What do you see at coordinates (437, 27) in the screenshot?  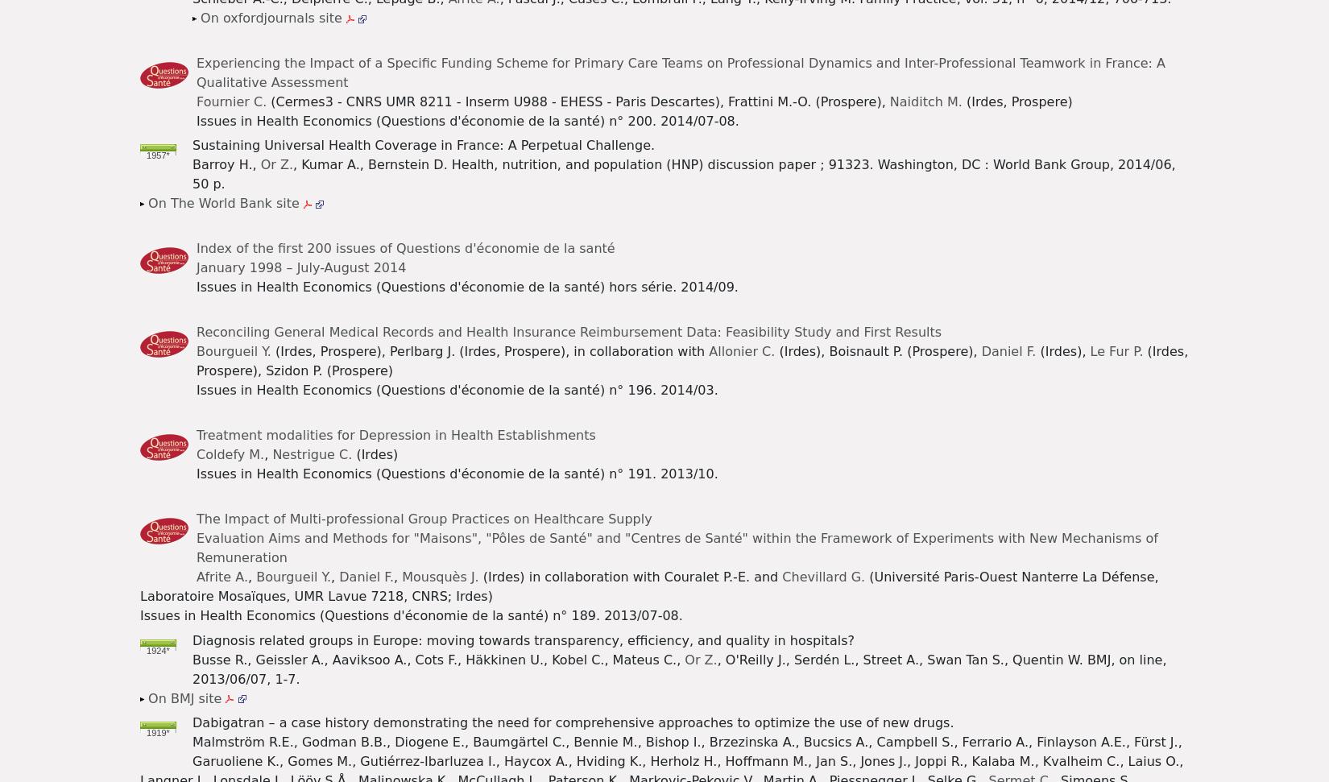 I see `'Newsletter'` at bounding box center [437, 27].